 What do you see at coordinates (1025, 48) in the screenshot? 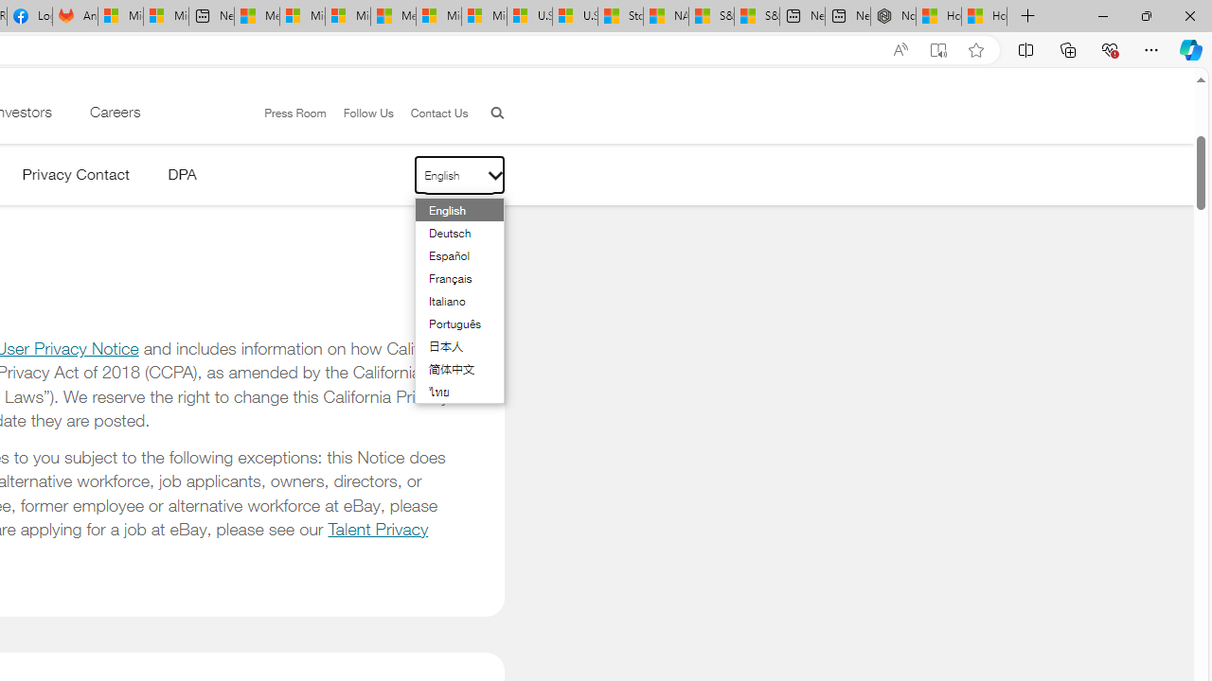
I see `'Split screen'` at bounding box center [1025, 48].